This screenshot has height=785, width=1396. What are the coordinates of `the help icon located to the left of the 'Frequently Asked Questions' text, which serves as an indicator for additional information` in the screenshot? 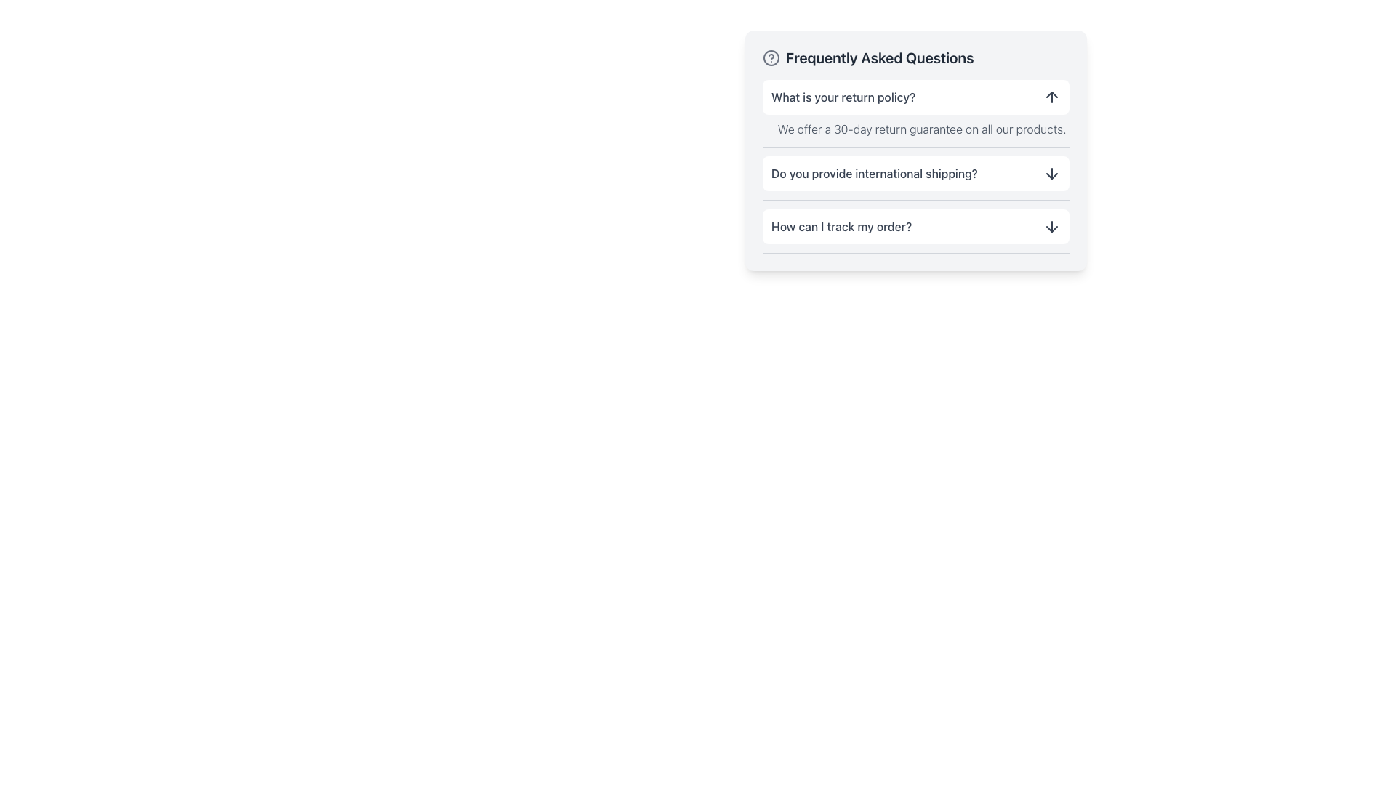 It's located at (770, 57).